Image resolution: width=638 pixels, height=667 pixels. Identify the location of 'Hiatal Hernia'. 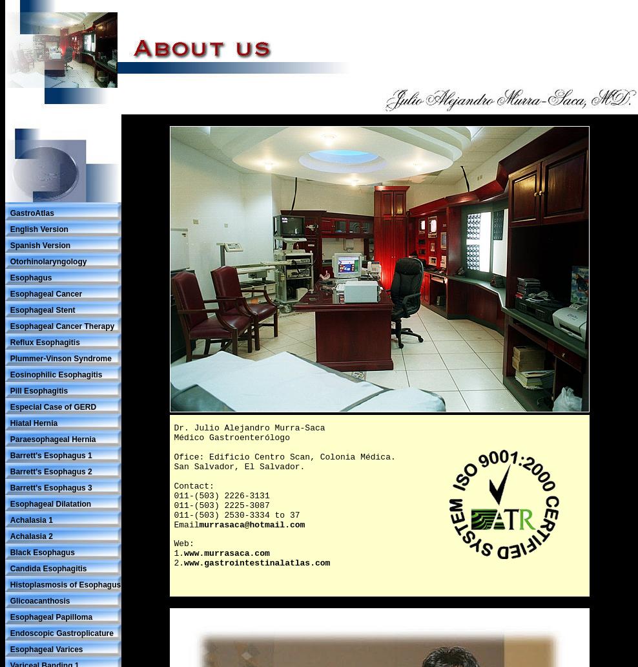
(32, 421).